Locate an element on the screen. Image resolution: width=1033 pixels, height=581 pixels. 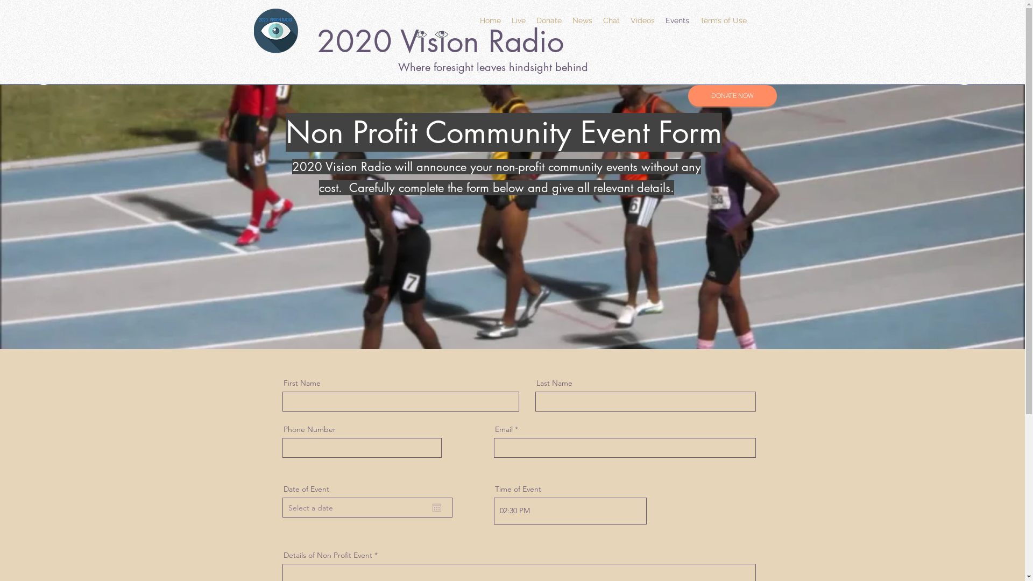
'Chat' is located at coordinates (596, 20).